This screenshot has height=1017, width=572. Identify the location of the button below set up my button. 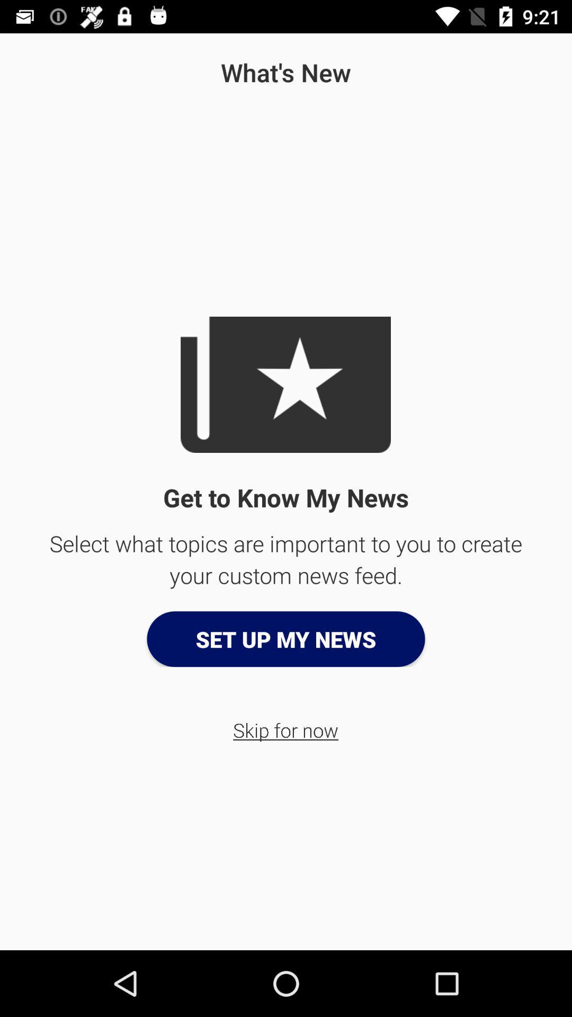
(285, 729).